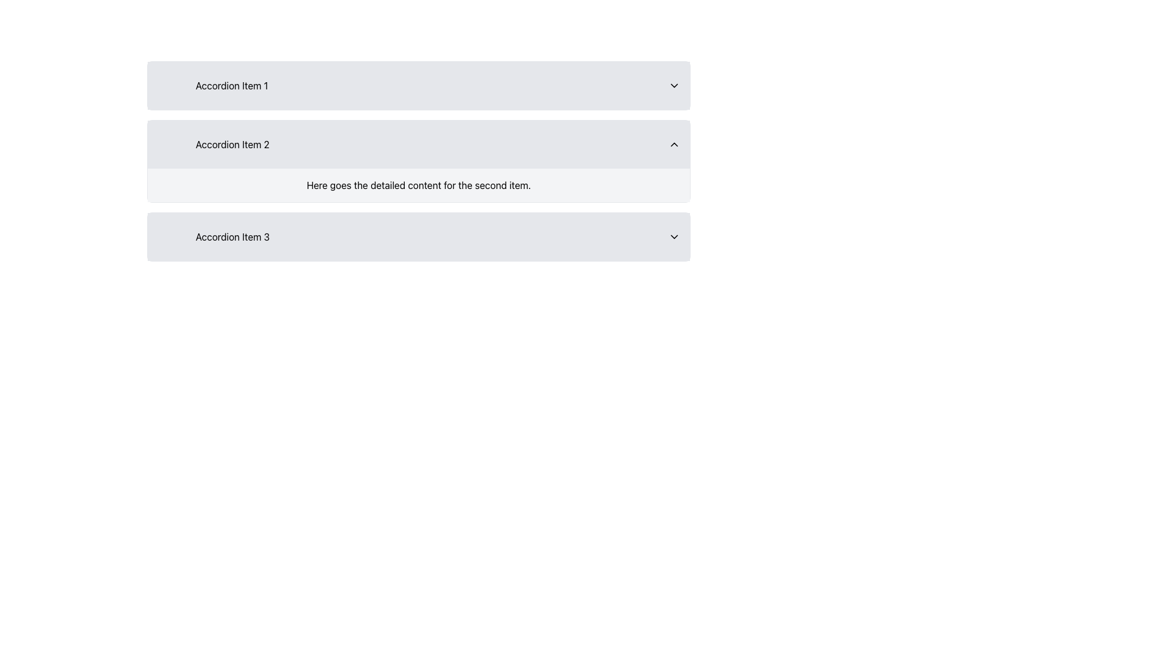 The image size is (1153, 648). Describe the element at coordinates (213, 236) in the screenshot. I see `the text label displaying 'Accordion Item 3', which is the third item in a vertically stacked list of items` at that location.